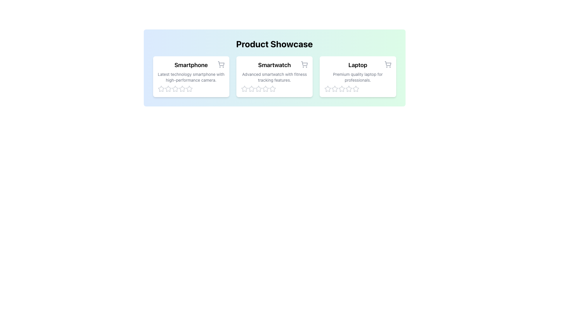  What do you see at coordinates (357, 65) in the screenshot?
I see `the static text label element that serves as the title of the product showcased in the third card from the left, positioned above the descriptive text and to the left of the shopping cart icon` at bounding box center [357, 65].